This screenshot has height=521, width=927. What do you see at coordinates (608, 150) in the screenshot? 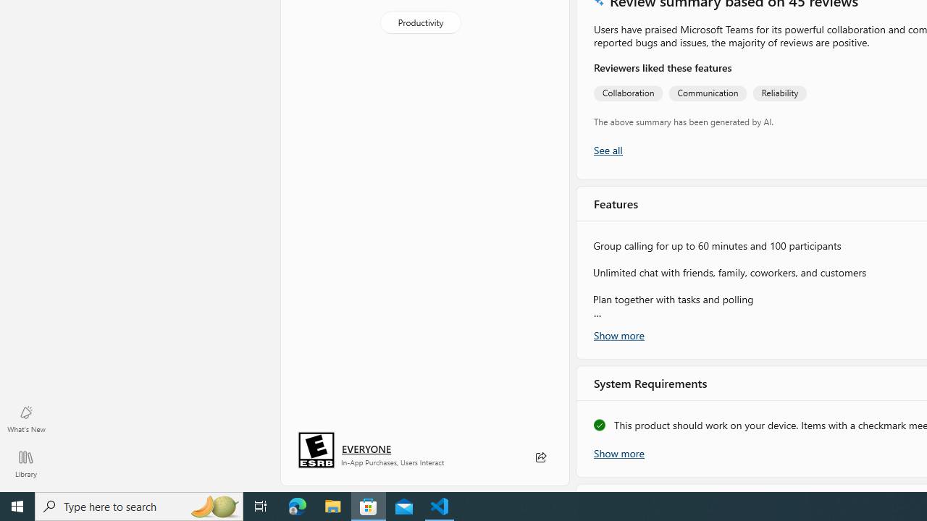
I see `'Show all ratings and reviews'` at bounding box center [608, 150].